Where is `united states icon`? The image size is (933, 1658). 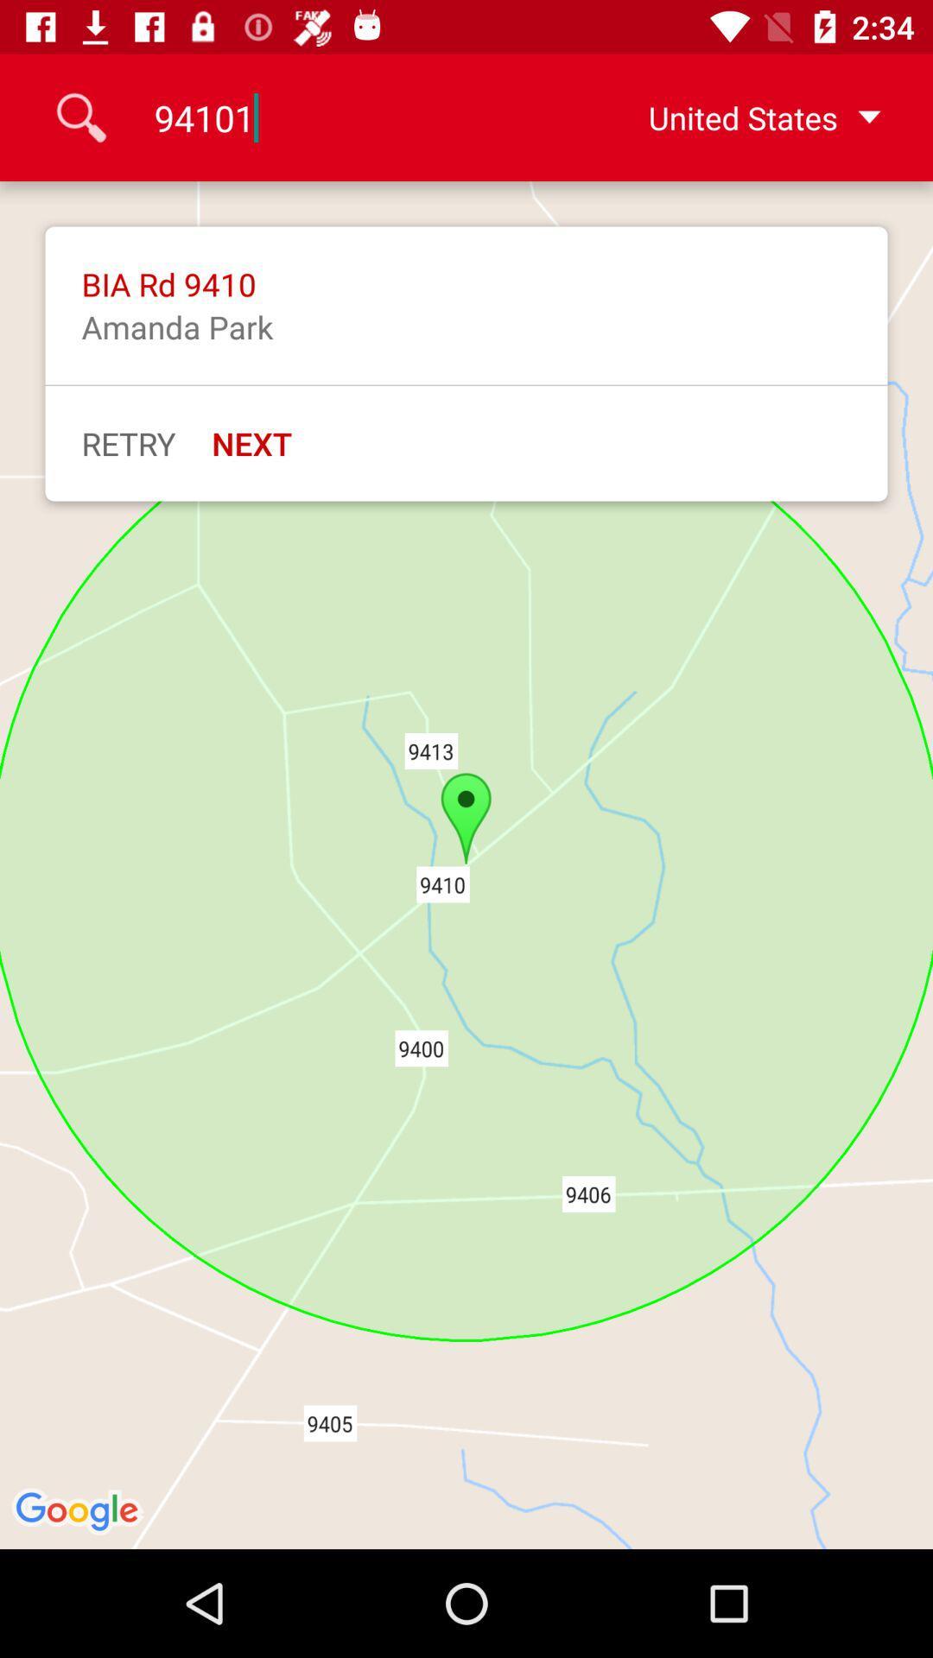
united states icon is located at coordinates (737, 117).